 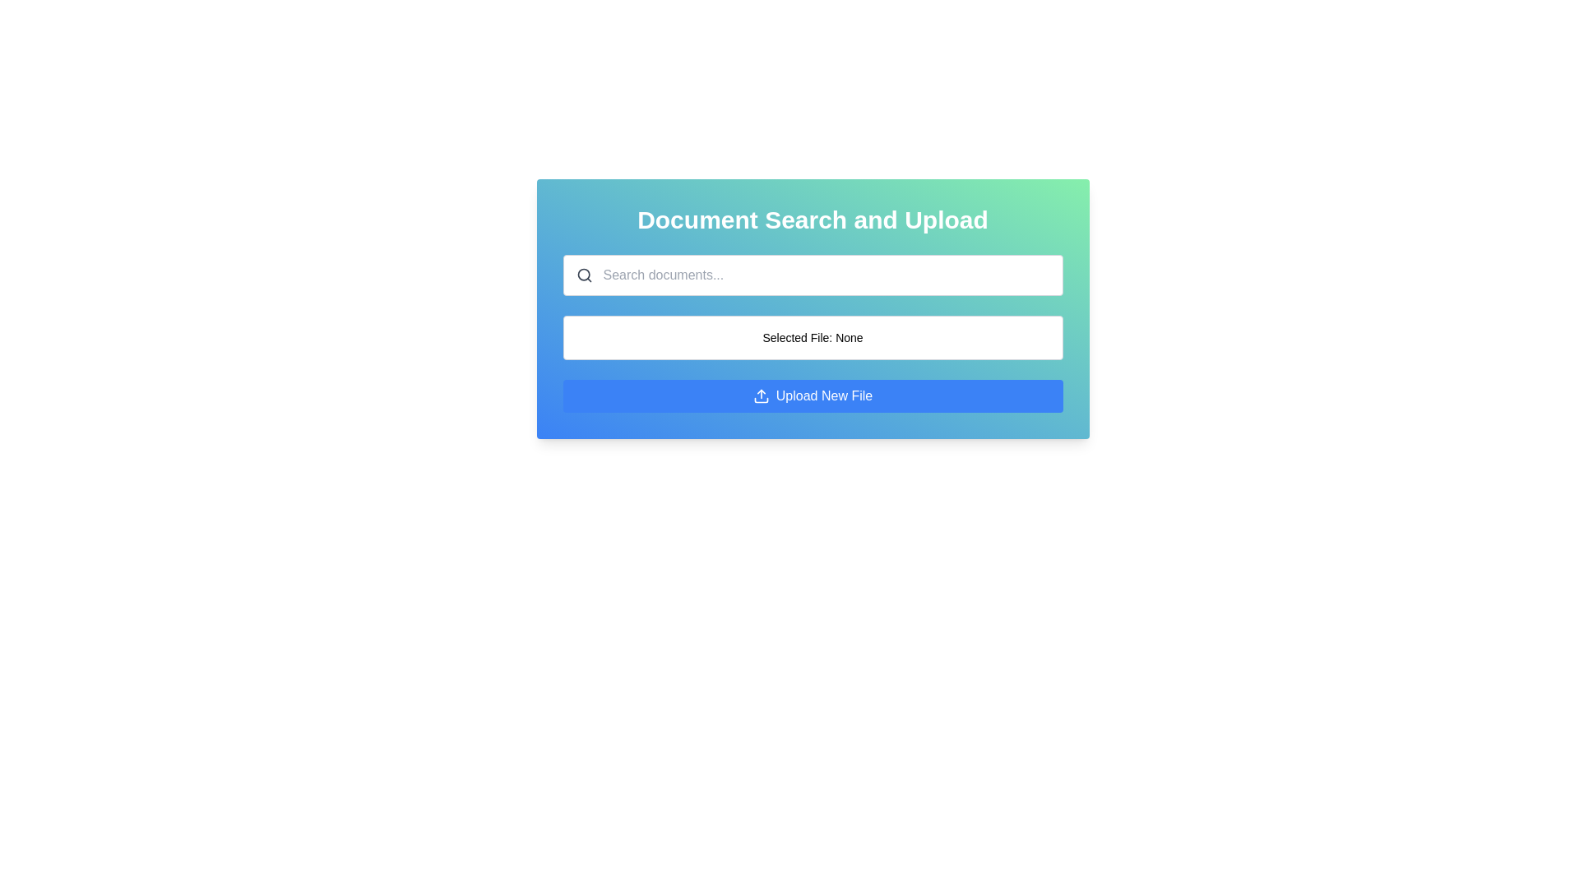 I want to click on the display box that shows the currently selected file for upload, which is located beneath the search box labeled 'Search documents...' and above the blue button labeled 'Upload New File', so click(x=813, y=337).